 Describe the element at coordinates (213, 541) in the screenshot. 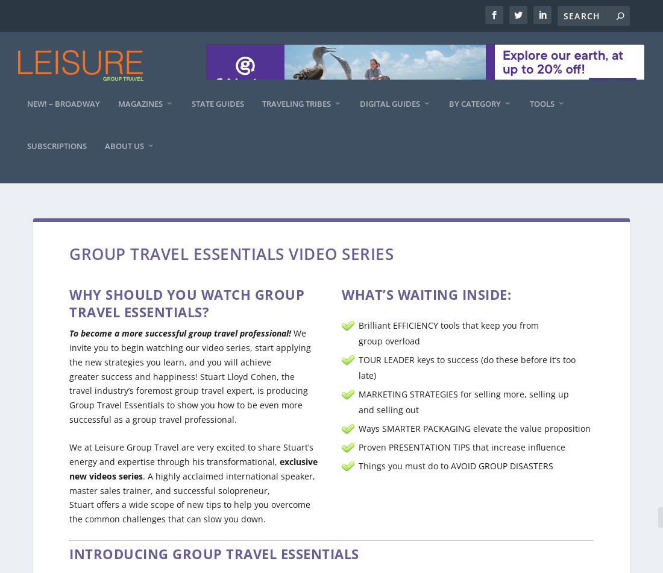

I see `'Introducing Group Travel Essentials'` at that location.